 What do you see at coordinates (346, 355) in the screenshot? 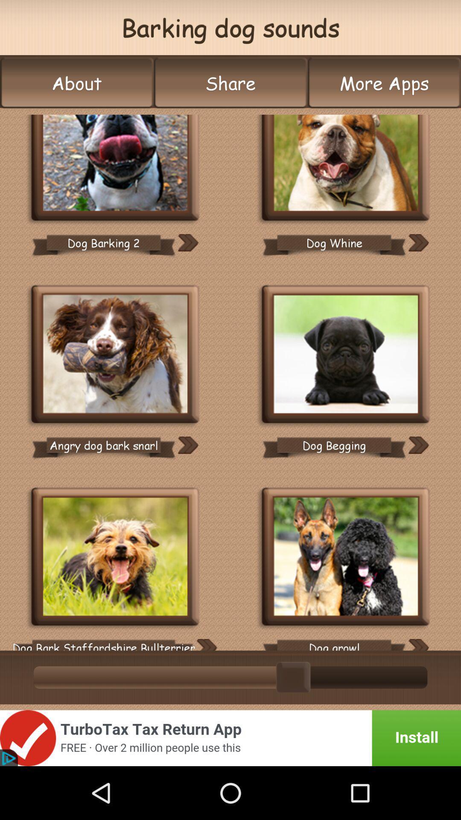
I see `icon dog begging sound` at bounding box center [346, 355].